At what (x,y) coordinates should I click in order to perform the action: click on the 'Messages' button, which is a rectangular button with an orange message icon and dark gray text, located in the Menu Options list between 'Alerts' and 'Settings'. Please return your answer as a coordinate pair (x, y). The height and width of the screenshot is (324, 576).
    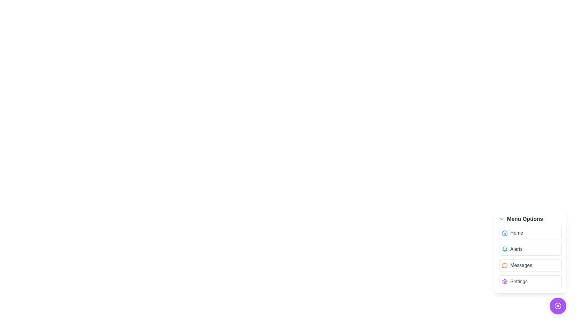
    Looking at the image, I should click on (530, 265).